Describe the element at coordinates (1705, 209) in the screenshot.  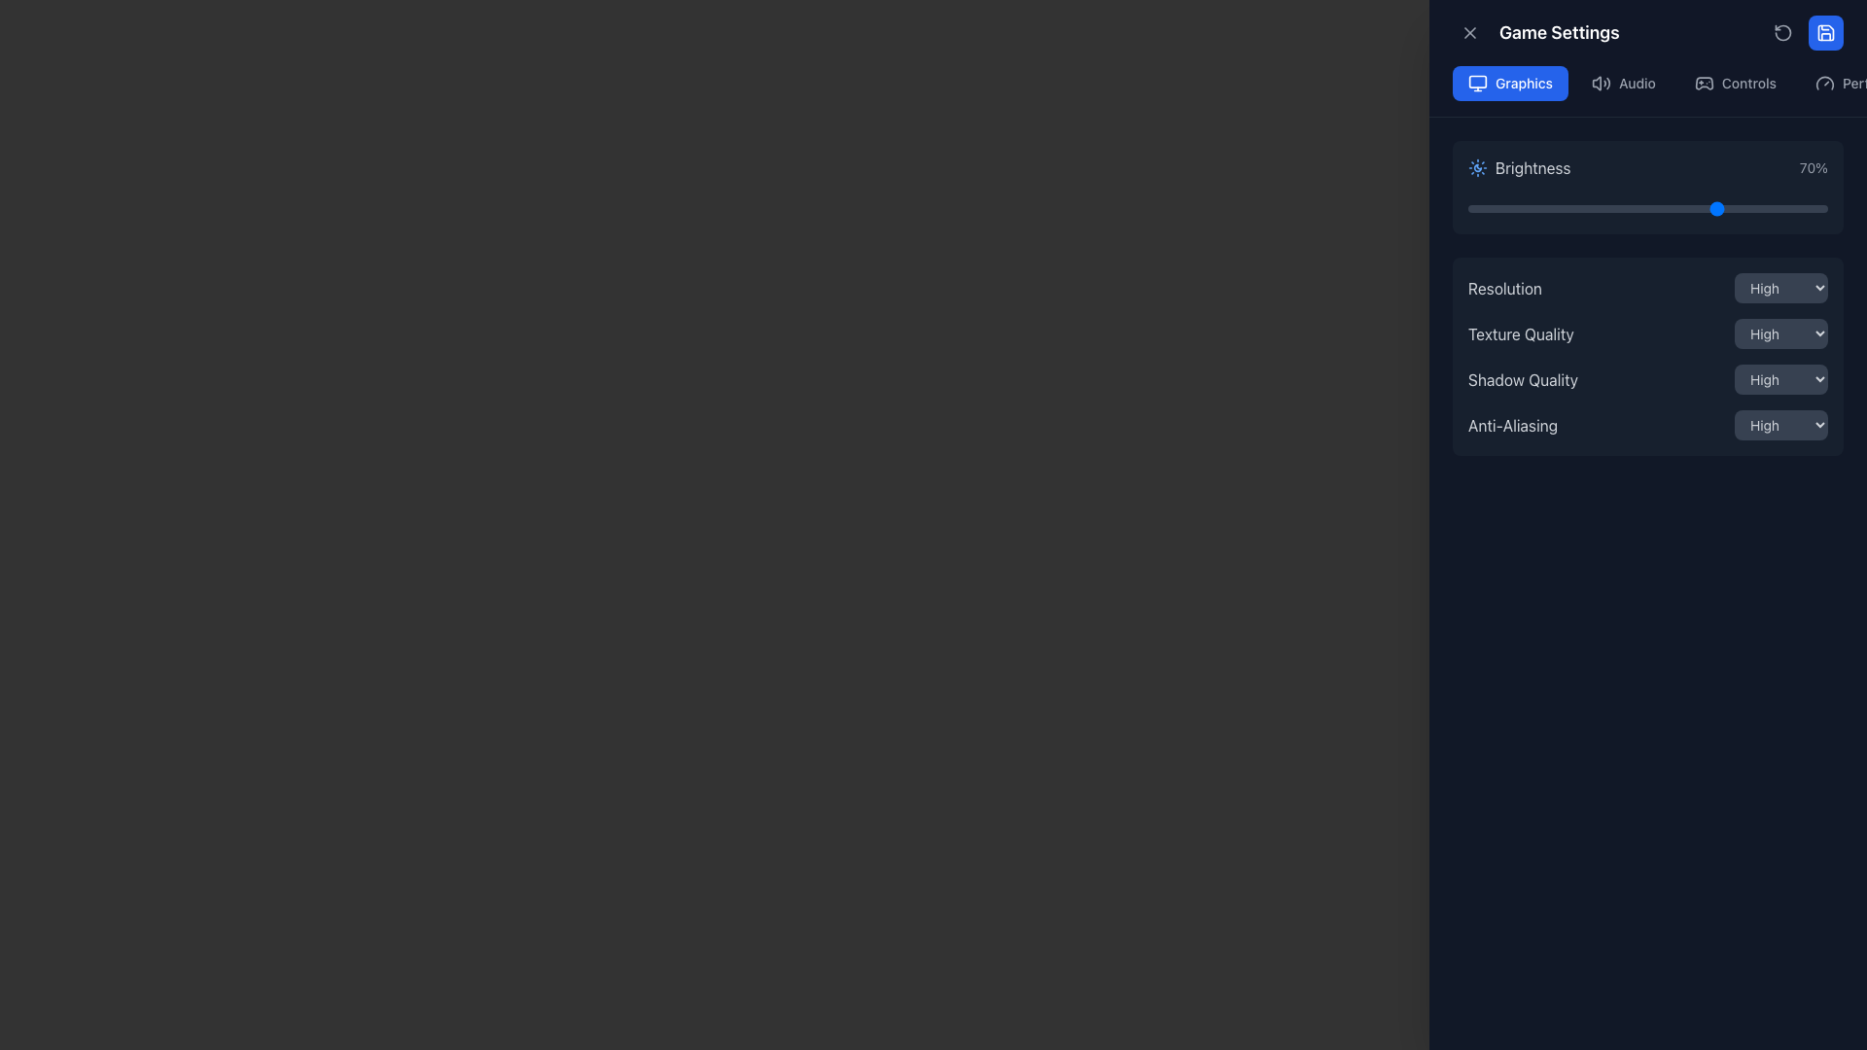
I see `the brightness level` at that location.